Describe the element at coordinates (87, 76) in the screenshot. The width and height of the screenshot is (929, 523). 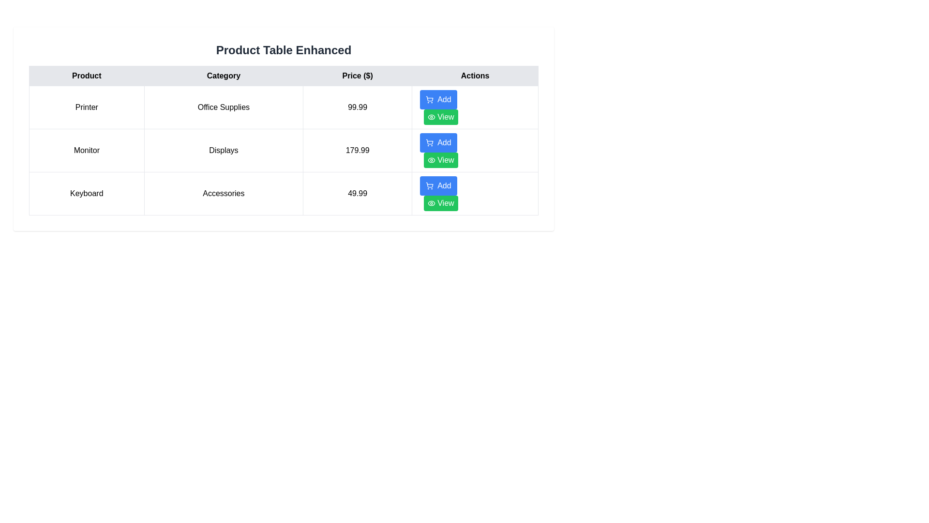
I see `text 'Product' from the header cell of the table that indicates the content of the 'Product' column, positioned as the first cell in the header row` at that location.